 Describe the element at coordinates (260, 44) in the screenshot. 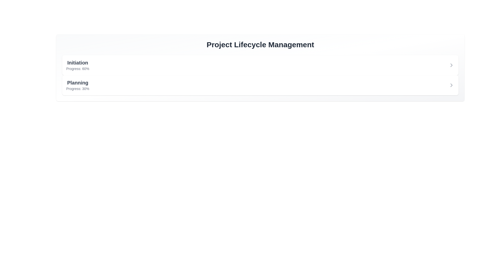

I see `text label titled 'Project Lifecycle Management', which is displayed in bold, large font and centered horizontally within its section` at that location.